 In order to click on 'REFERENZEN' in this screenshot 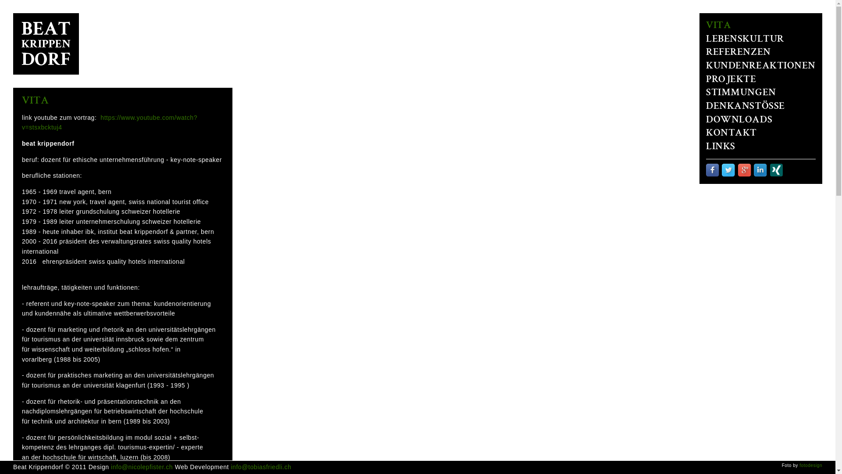, I will do `click(738, 53)`.